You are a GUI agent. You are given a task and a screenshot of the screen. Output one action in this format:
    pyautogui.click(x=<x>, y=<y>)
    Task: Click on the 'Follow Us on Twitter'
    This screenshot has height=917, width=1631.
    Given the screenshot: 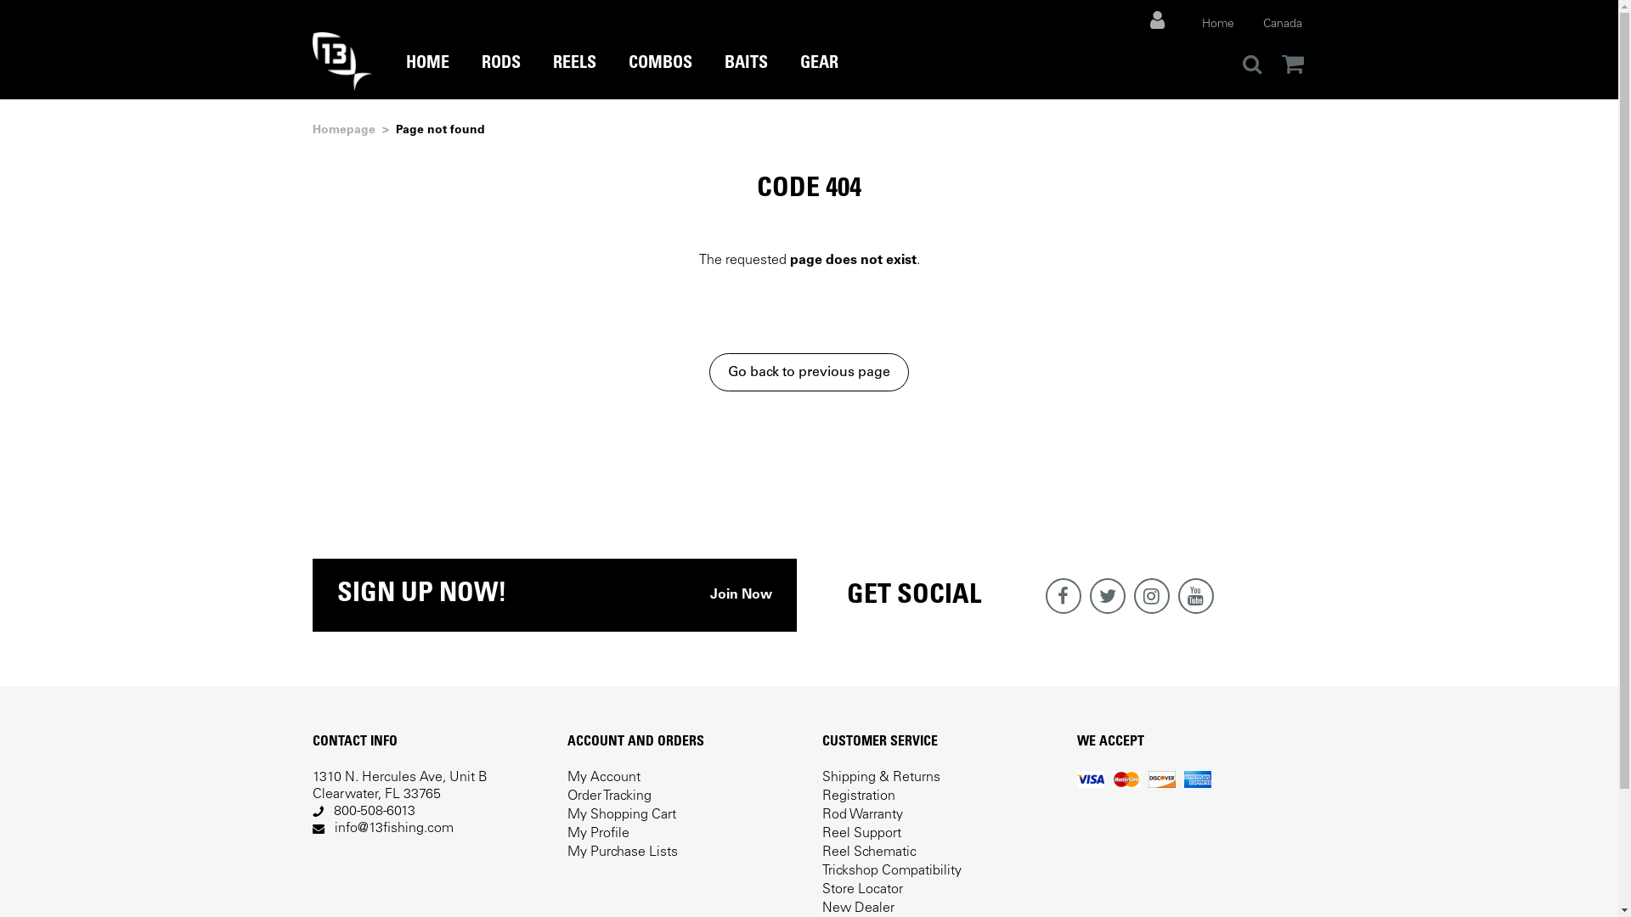 What is the action you would take?
    pyautogui.click(x=1106, y=595)
    